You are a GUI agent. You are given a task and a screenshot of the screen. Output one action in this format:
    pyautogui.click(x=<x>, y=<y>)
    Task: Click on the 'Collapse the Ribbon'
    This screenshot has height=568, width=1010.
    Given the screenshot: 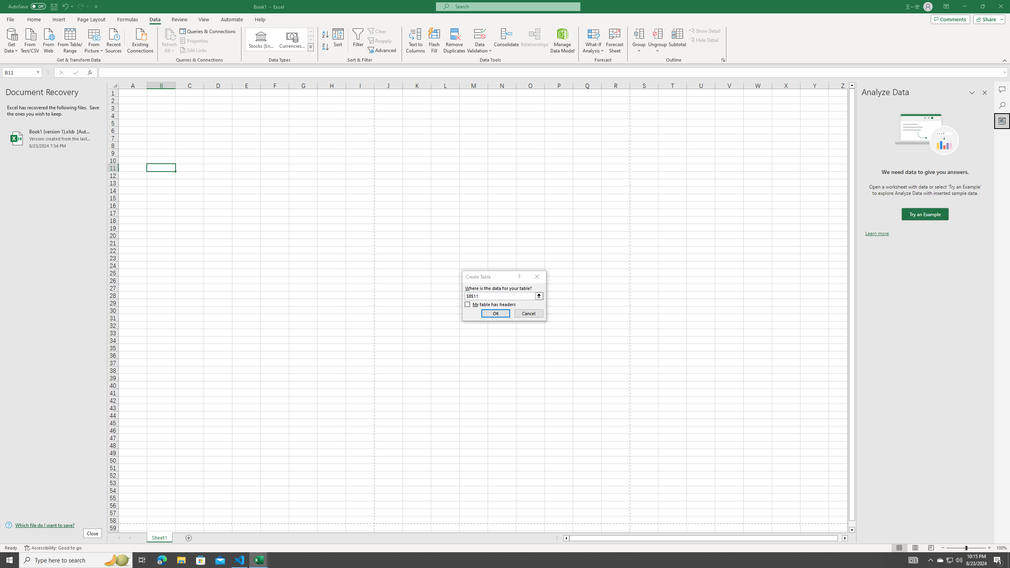 What is the action you would take?
    pyautogui.click(x=1005, y=60)
    